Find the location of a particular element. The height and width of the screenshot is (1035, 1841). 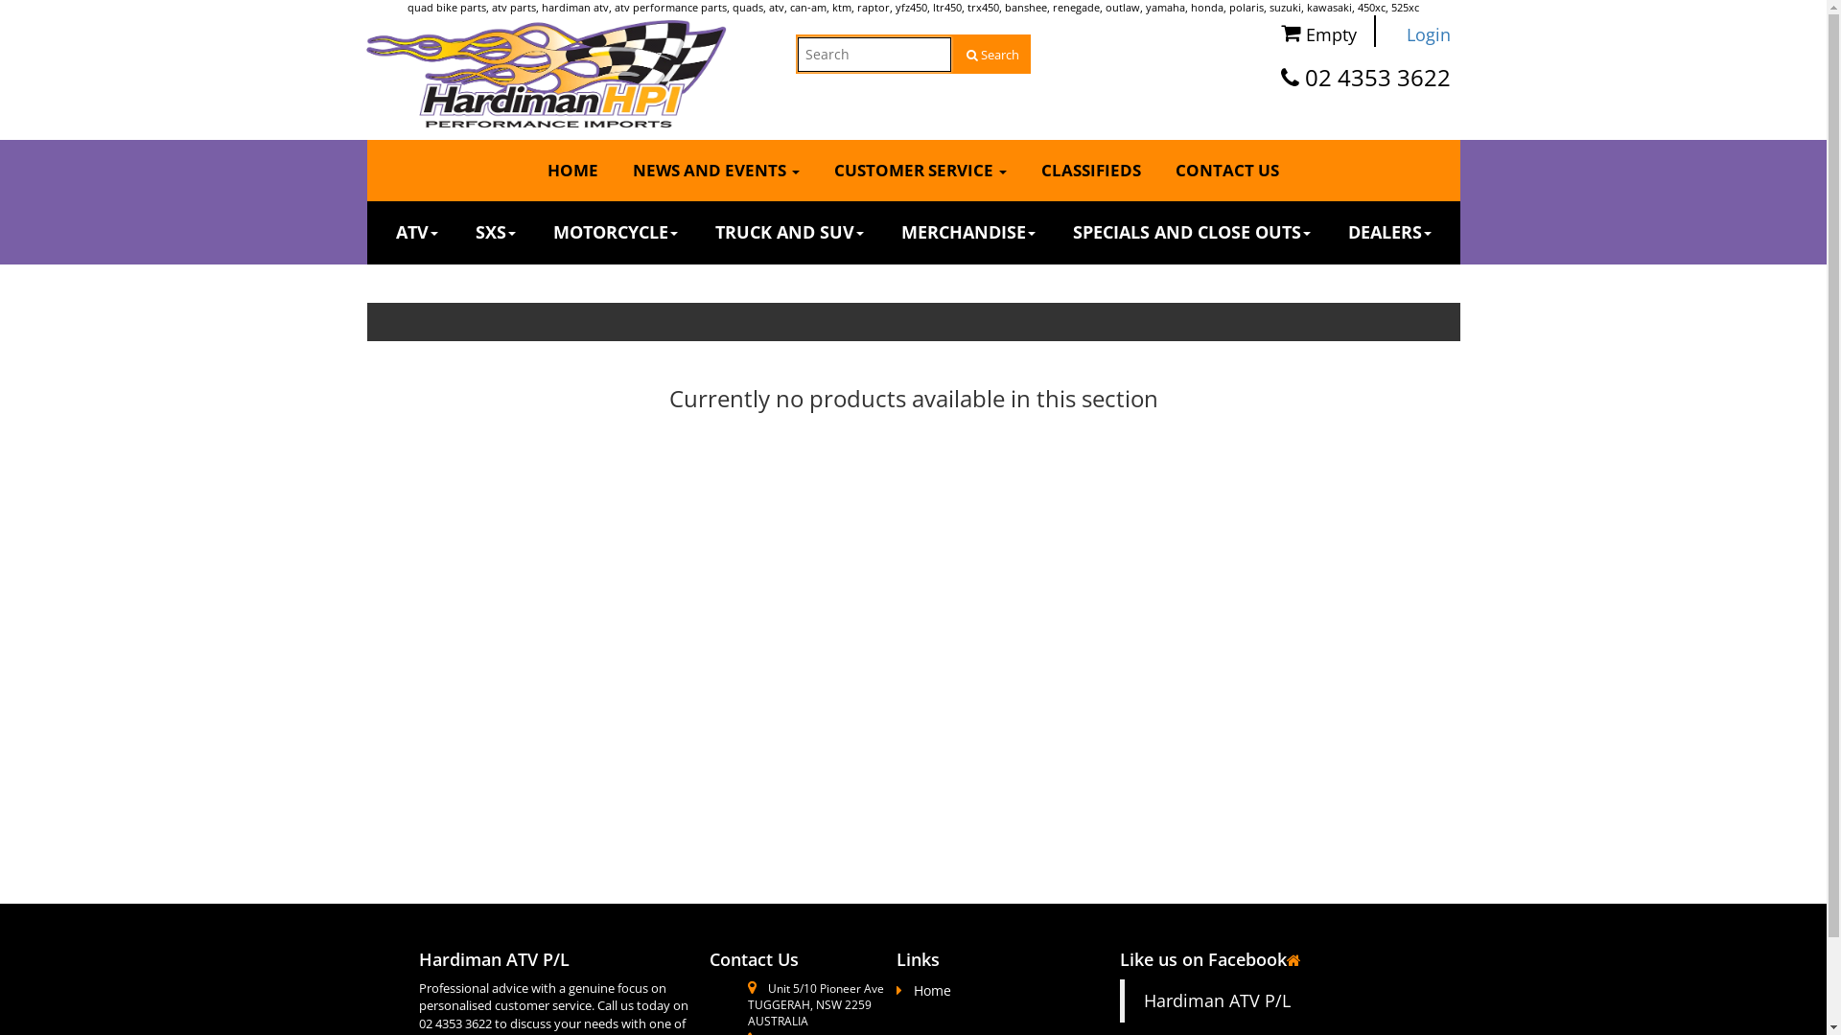

'Hardiman ATV P/L' is located at coordinates (1216, 1000).